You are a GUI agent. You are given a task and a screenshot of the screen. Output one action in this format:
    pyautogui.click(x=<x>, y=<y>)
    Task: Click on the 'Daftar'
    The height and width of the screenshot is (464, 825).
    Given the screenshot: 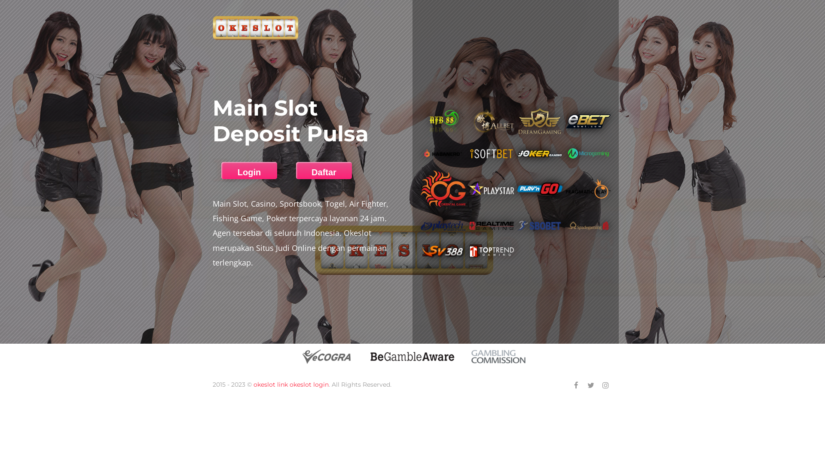 What is the action you would take?
    pyautogui.click(x=323, y=171)
    